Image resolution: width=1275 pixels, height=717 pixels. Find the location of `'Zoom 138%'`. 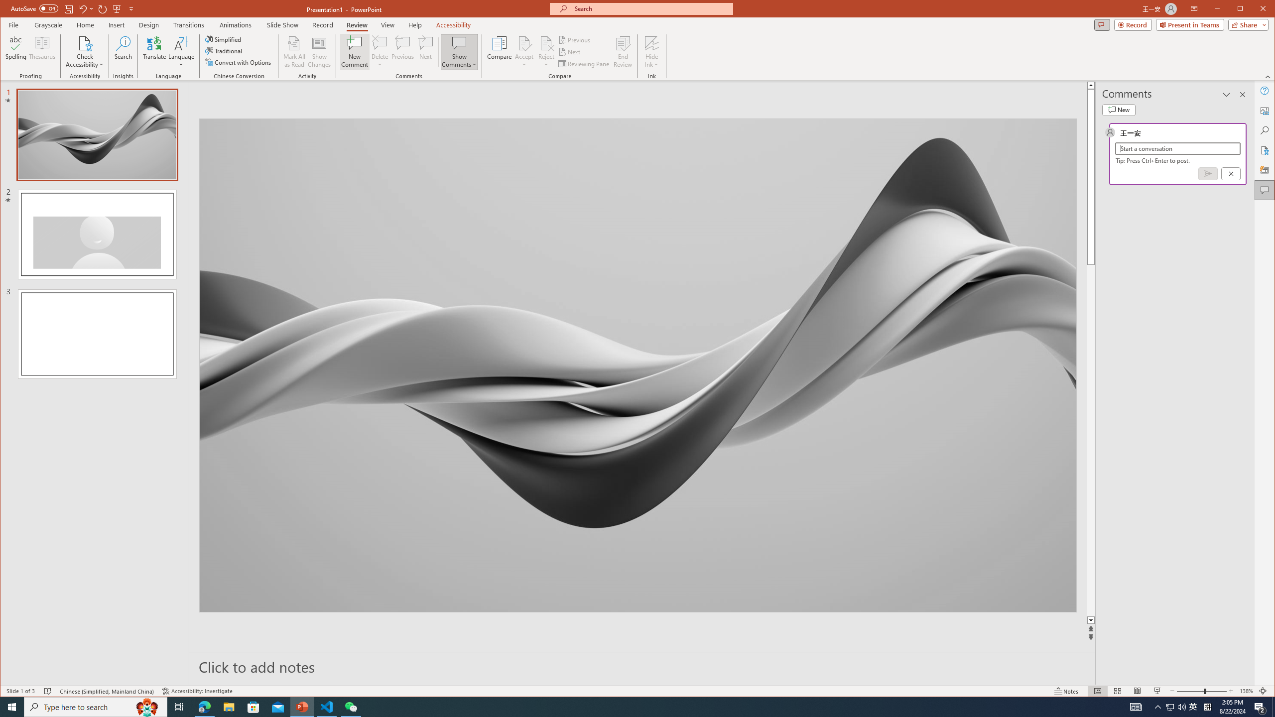

'Zoom 138%' is located at coordinates (1246, 691).